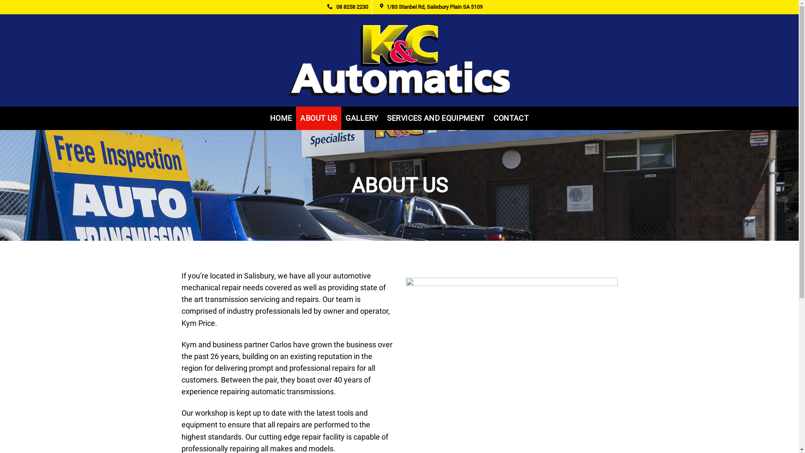 The image size is (805, 453). Describe the element at coordinates (281, 118) in the screenshot. I see `'HOME'` at that location.